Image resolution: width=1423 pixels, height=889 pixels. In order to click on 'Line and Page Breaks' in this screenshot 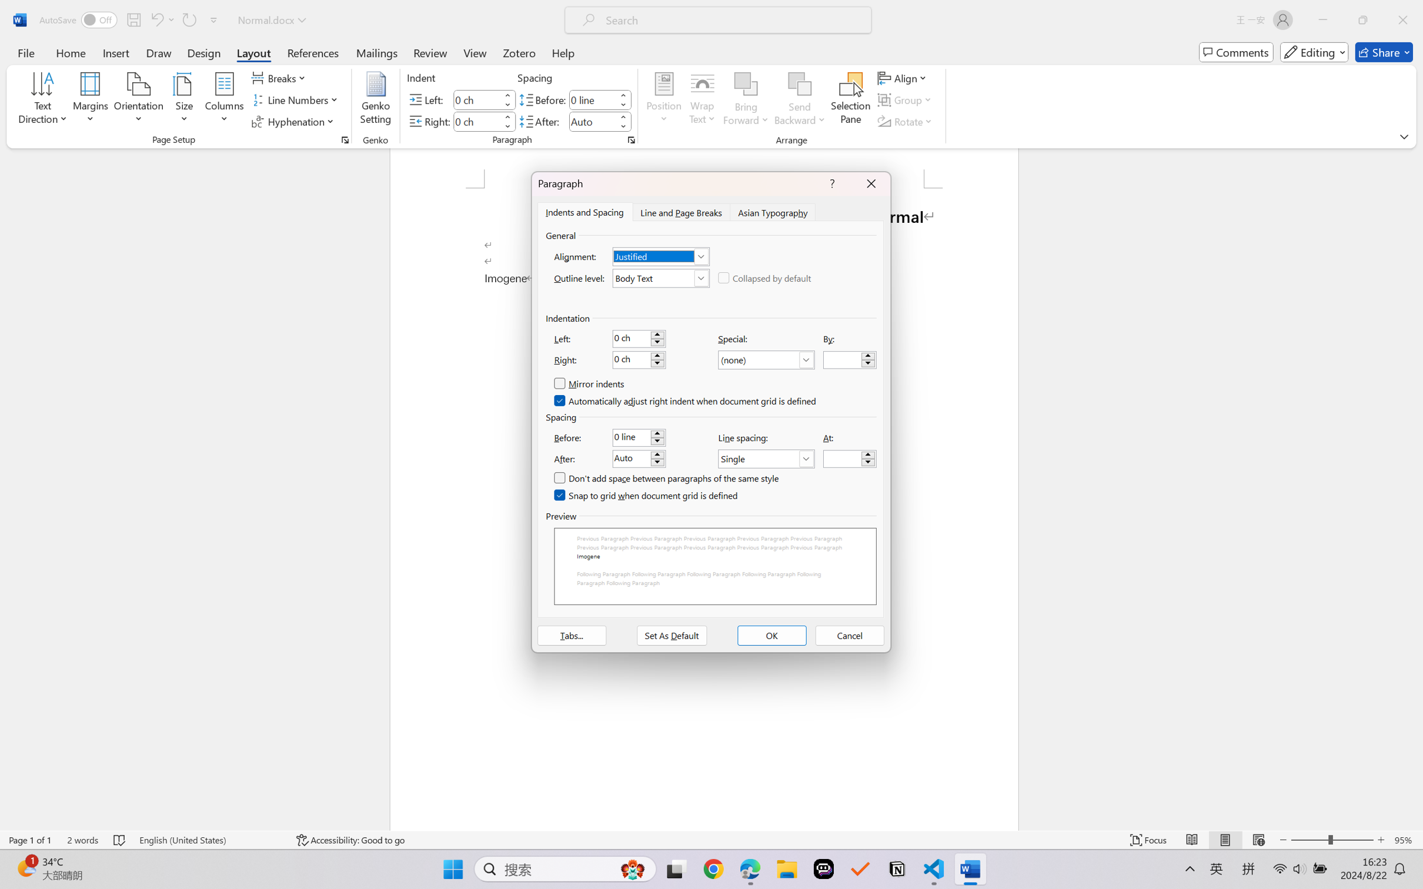, I will do `click(680, 211)`.